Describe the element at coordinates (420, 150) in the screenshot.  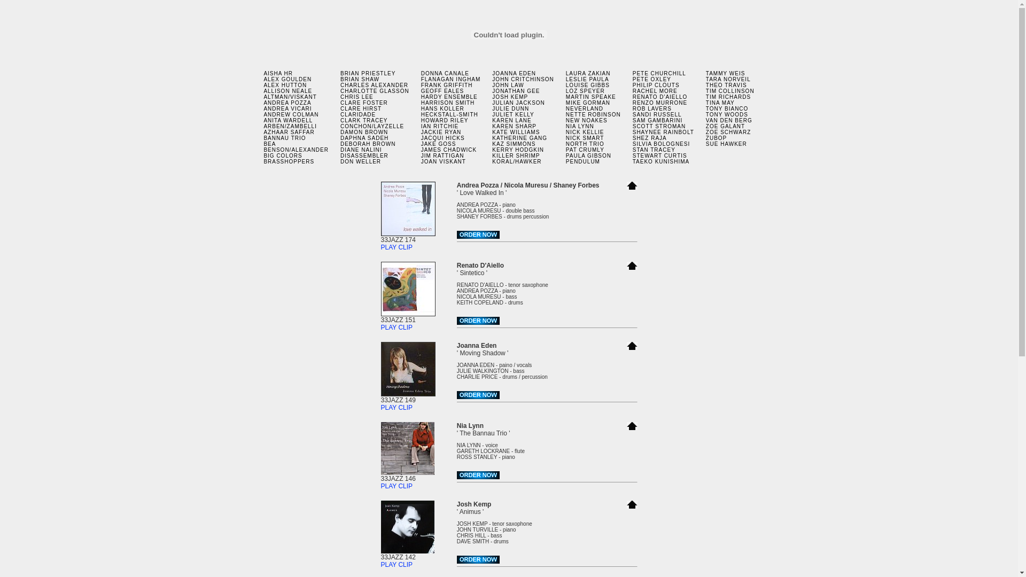
I see `'JAMES CHADWICK'` at that location.